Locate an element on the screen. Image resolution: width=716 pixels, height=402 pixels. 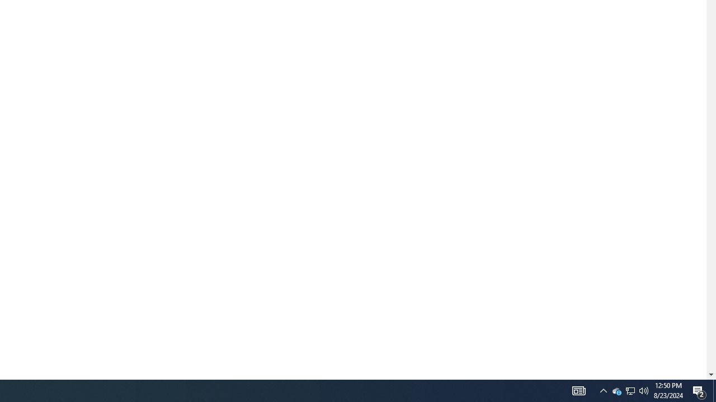
'Q2790: 100%' is located at coordinates (630, 390).